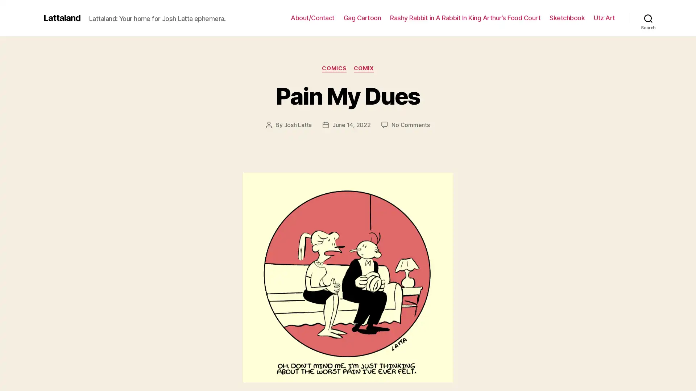 This screenshot has width=696, height=391. What do you see at coordinates (648, 18) in the screenshot?
I see `Search` at bounding box center [648, 18].